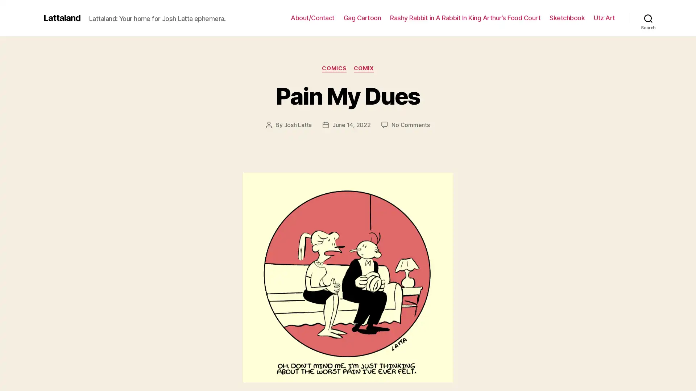 This screenshot has width=696, height=391. What do you see at coordinates (648, 18) in the screenshot?
I see `Search` at bounding box center [648, 18].